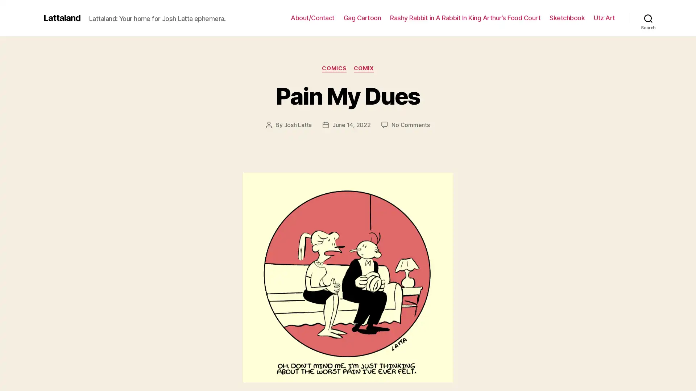 This screenshot has width=696, height=391. What do you see at coordinates (648, 18) in the screenshot?
I see `Search` at bounding box center [648, 18].